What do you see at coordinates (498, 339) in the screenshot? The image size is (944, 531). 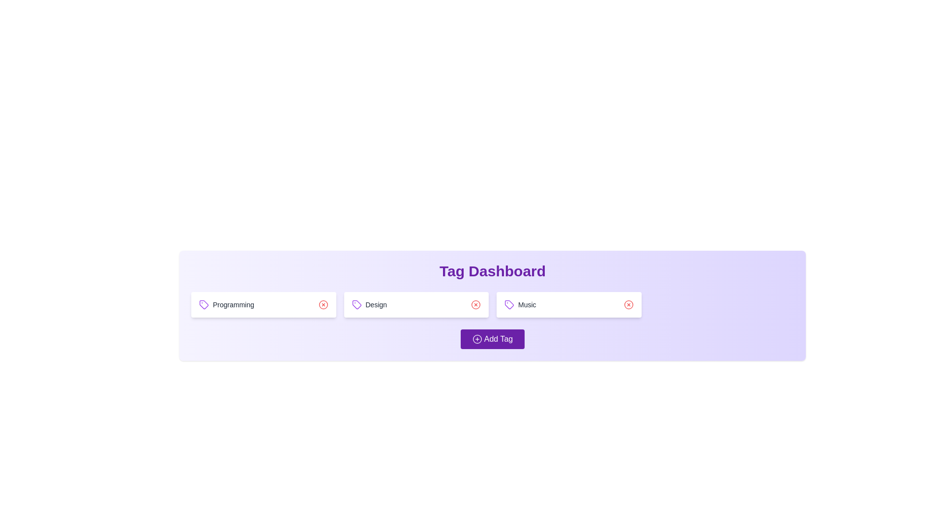 I see `the 'Add Tag' button, which is a purple button with rounded edges containing the text 'Add Tag' and a '+' symbol, located in the lower-central part of the interface under the 'Tag Dashboard'` at bounding box center [498, 339].